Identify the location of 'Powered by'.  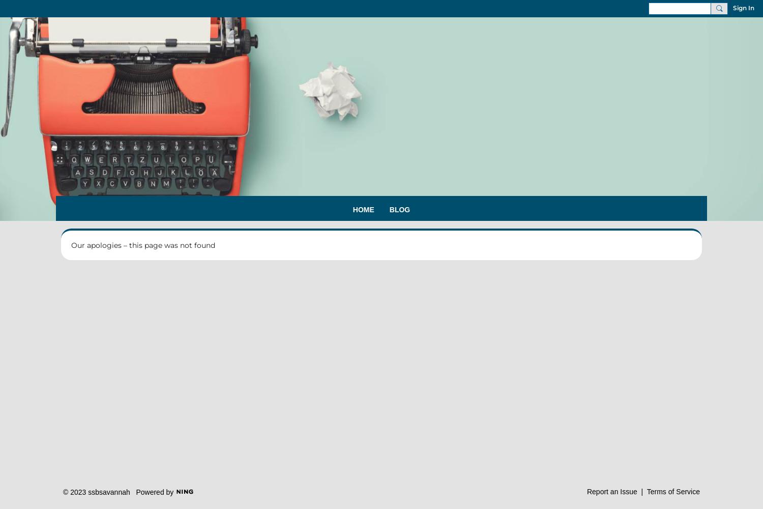
(156, 491).